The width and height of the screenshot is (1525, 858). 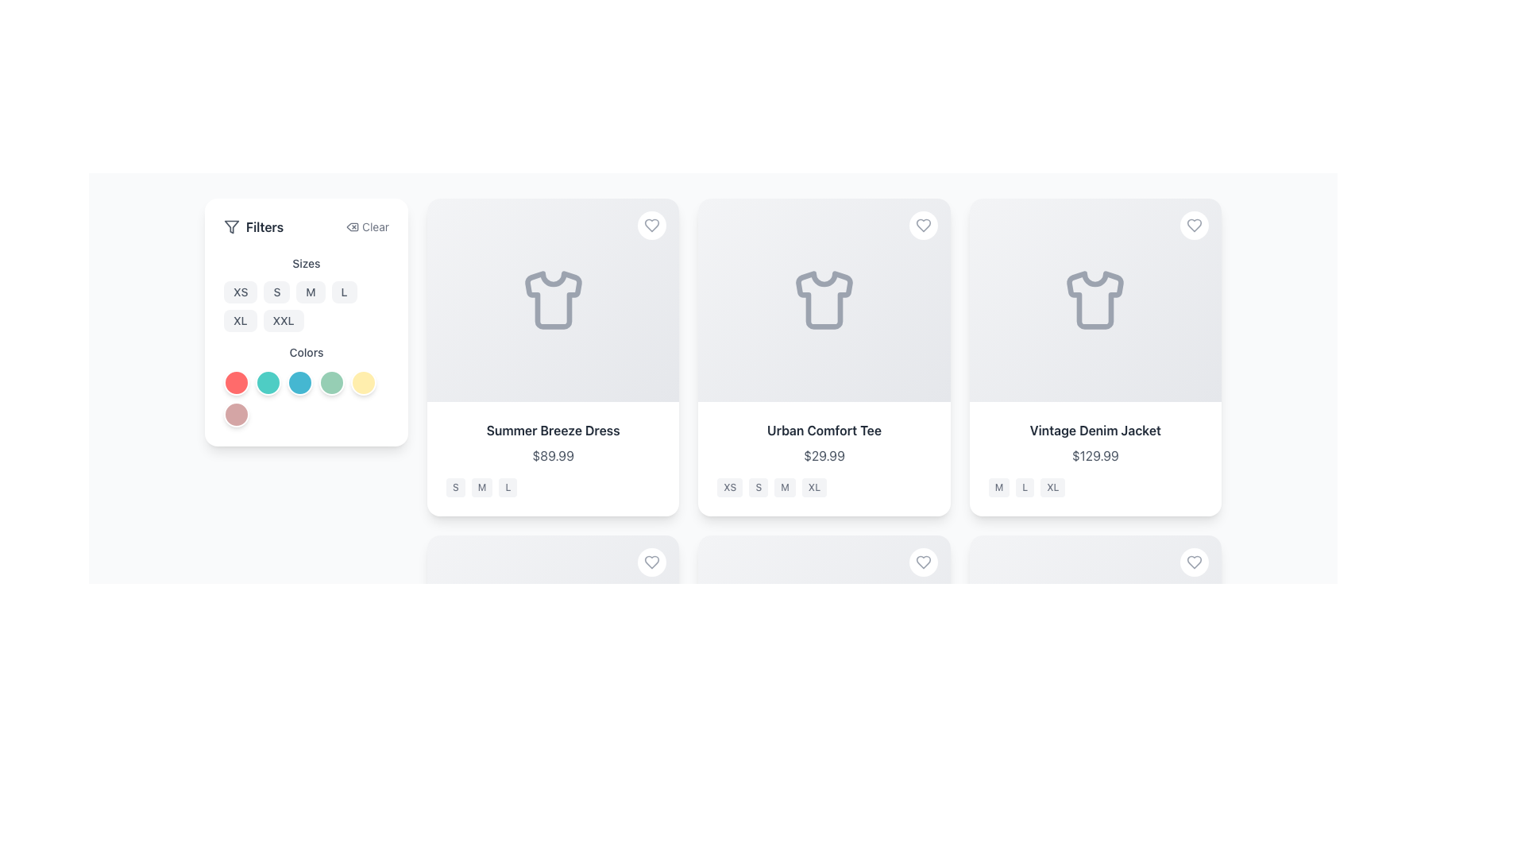 What do you see at coordinates (553, 796) in the screenshot?
I see `the Card content block located in the bottom section of the third card from the left in a grid layout` at bounding box center [553, 796].